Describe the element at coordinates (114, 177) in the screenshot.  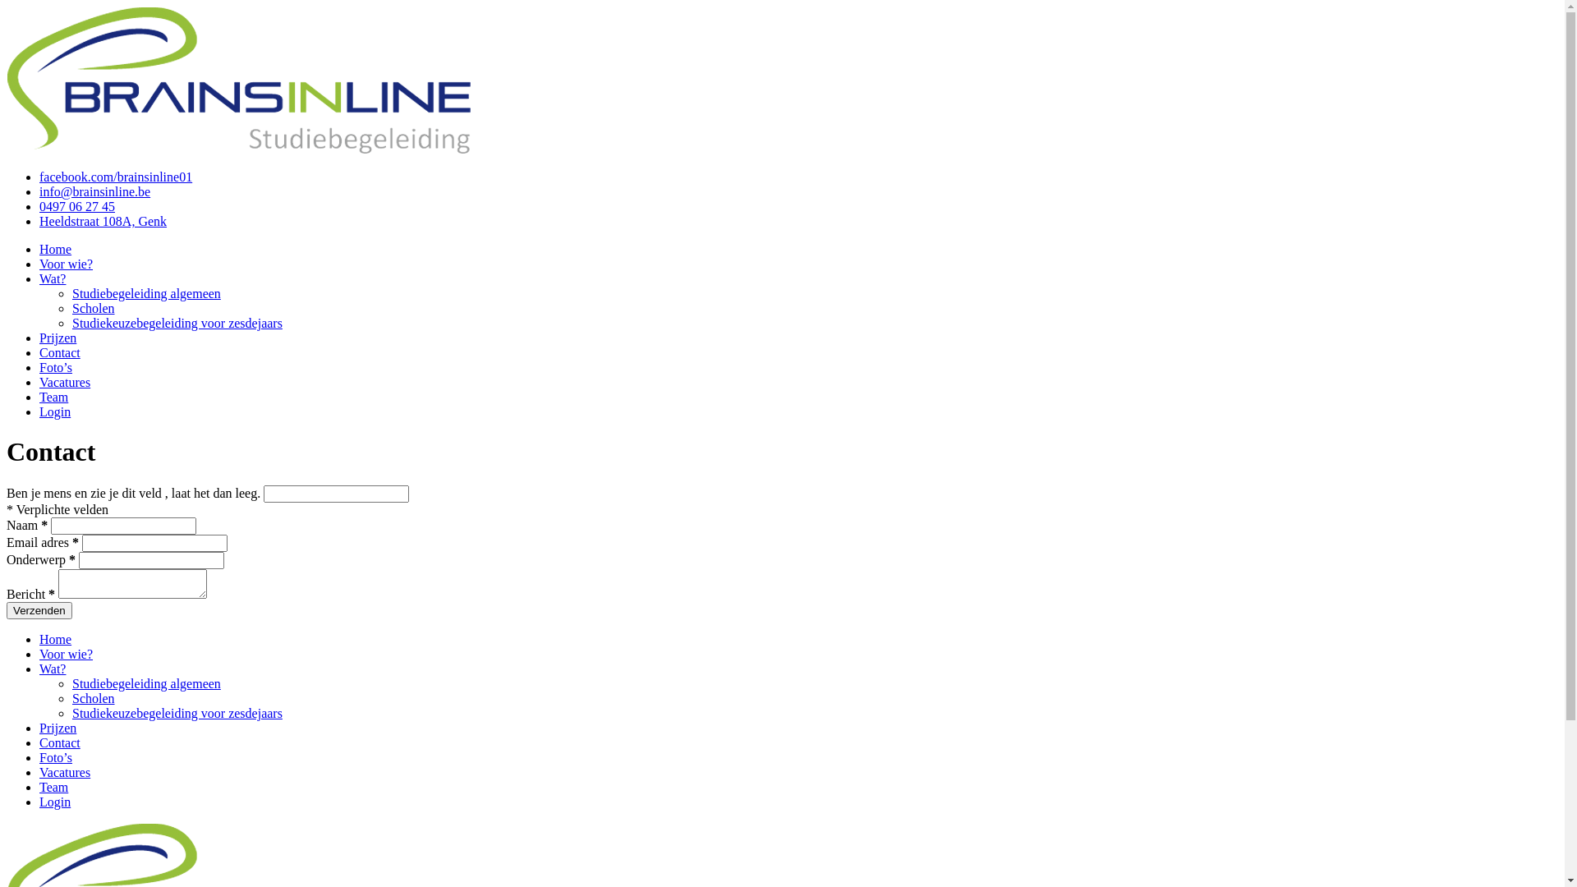
I see `'facebook.com/brainsinline01'` at that location.